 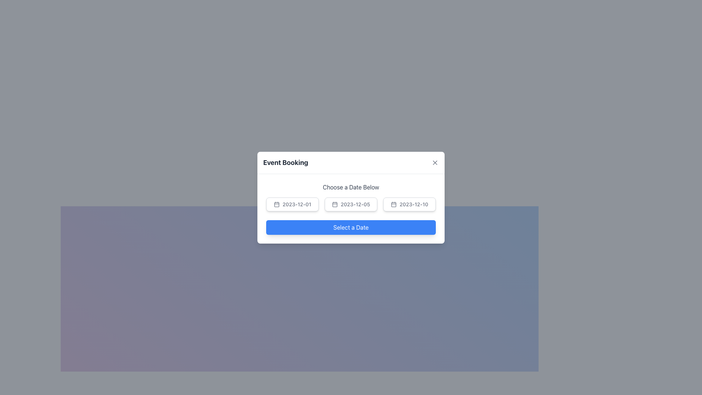 What do you see at coordinates (292, 204) in the screenshot?
I see `the date-selector button for '2023-12-01' within the 'Event Booking' modal` at bounding box center [292, 204].